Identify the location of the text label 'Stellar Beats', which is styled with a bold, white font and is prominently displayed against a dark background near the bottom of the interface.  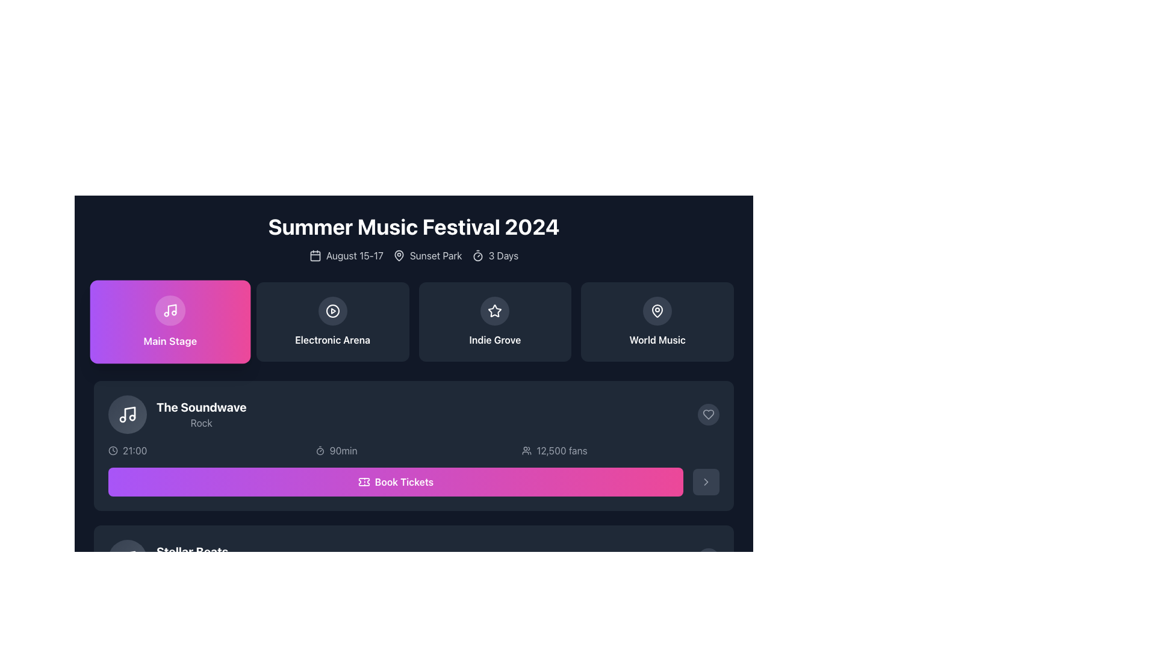
(191, 552).